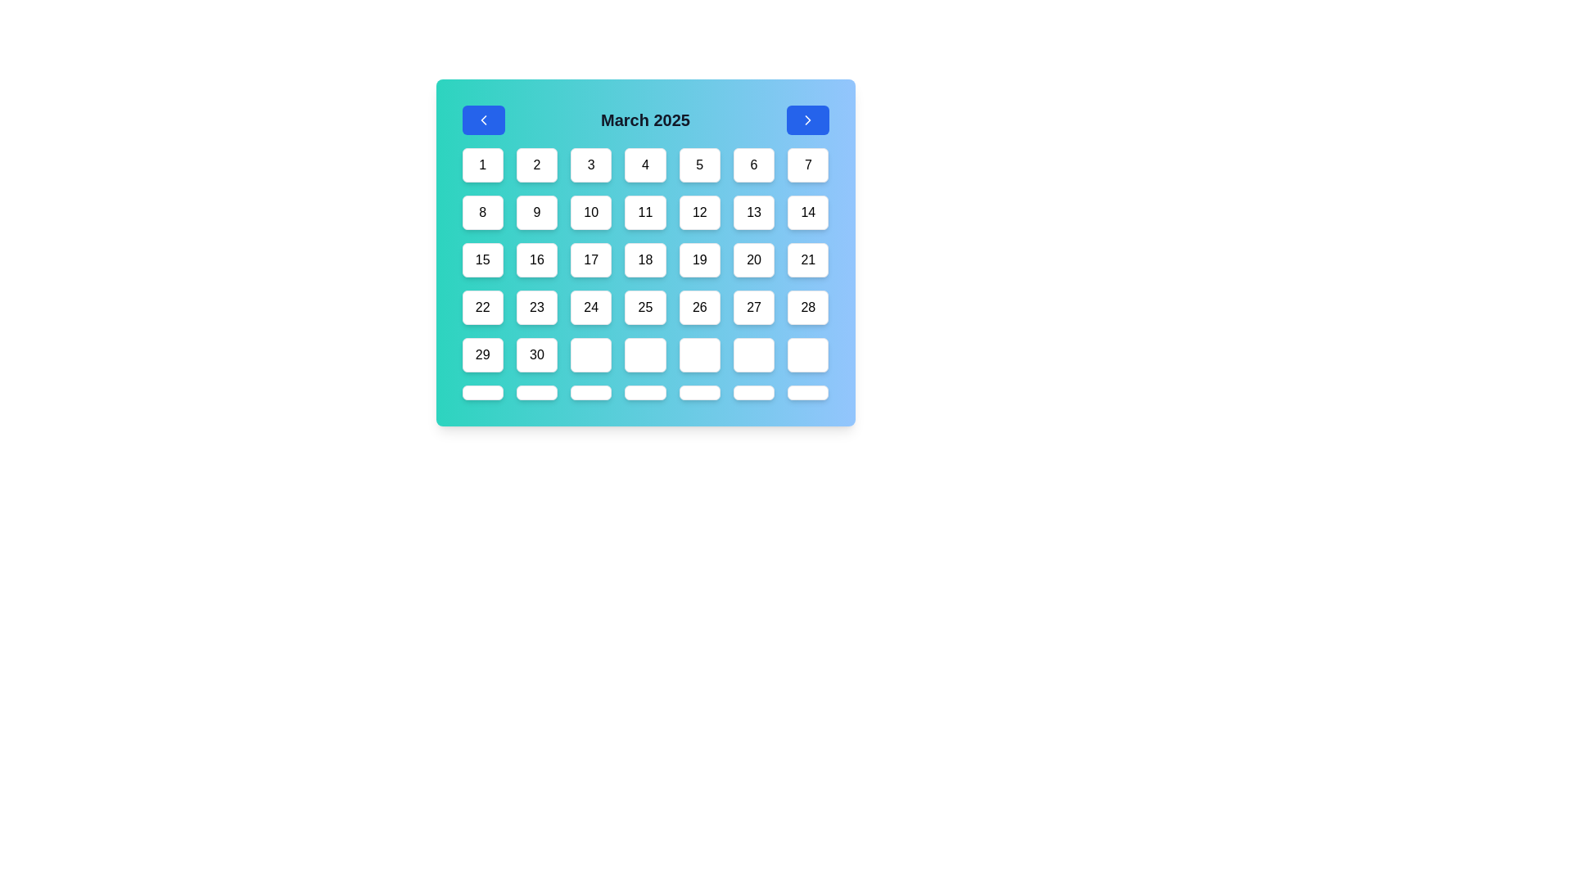  Describe the element at coordinates (536, 392) in the screenshot. I see `the static placeholder box located in the last row, second from the left of a grid, positioned below the cell containing '30'` at that location.